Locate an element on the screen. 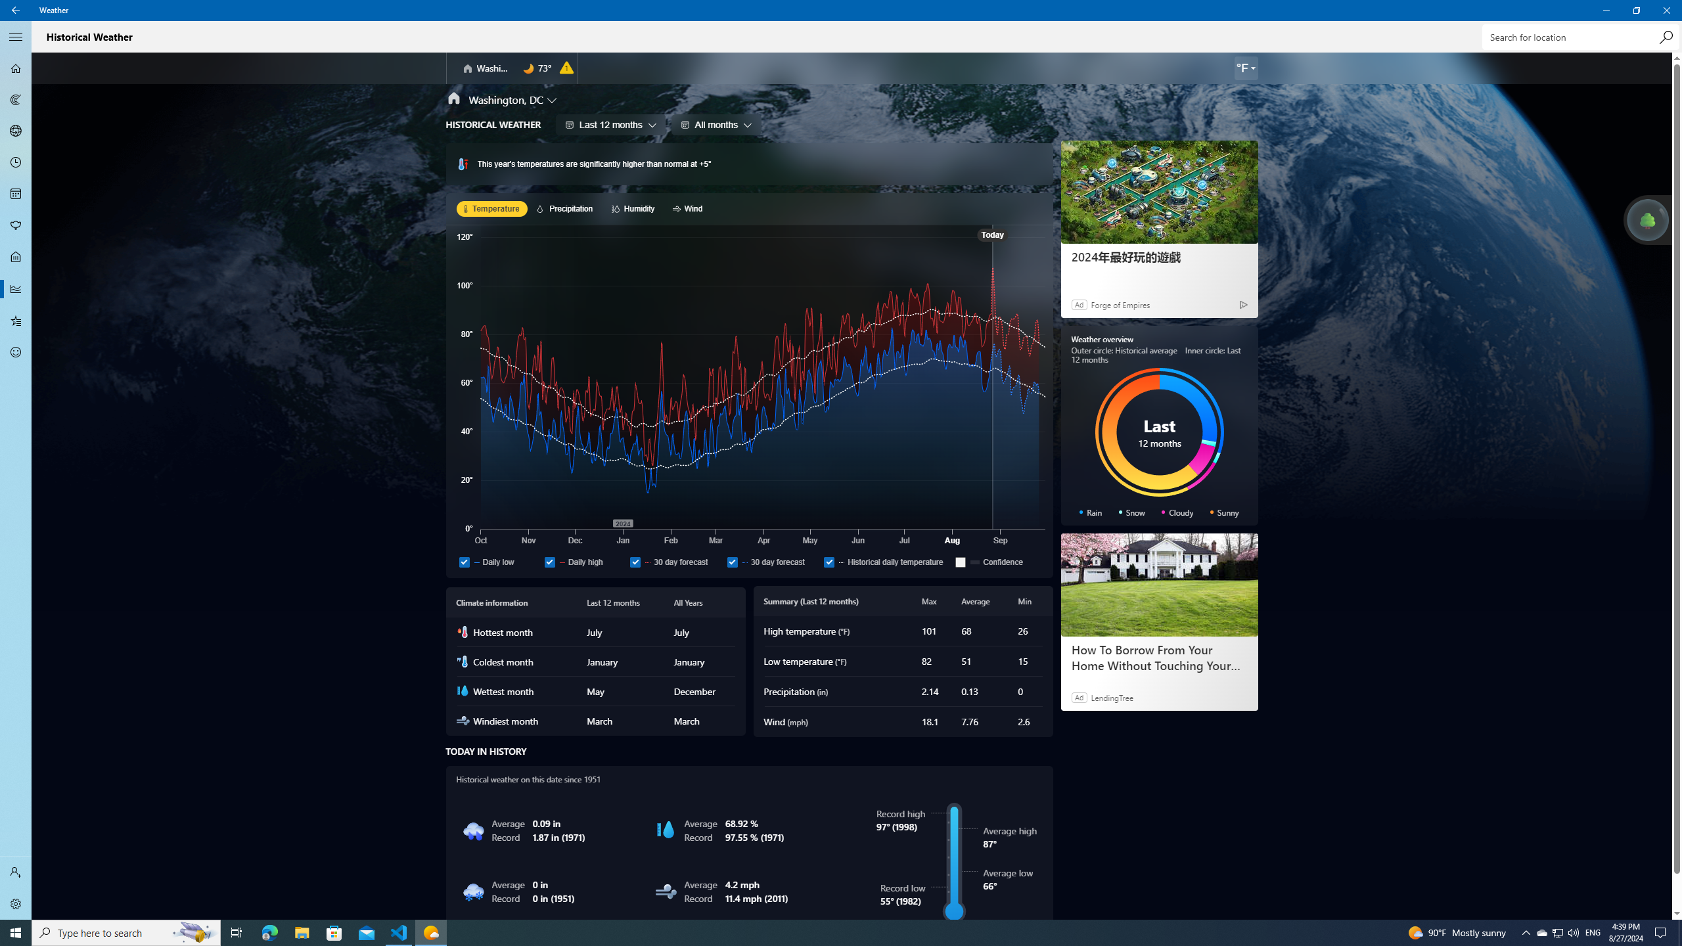  'Forecast - Not Selected' is located at coordinates (16, 68).